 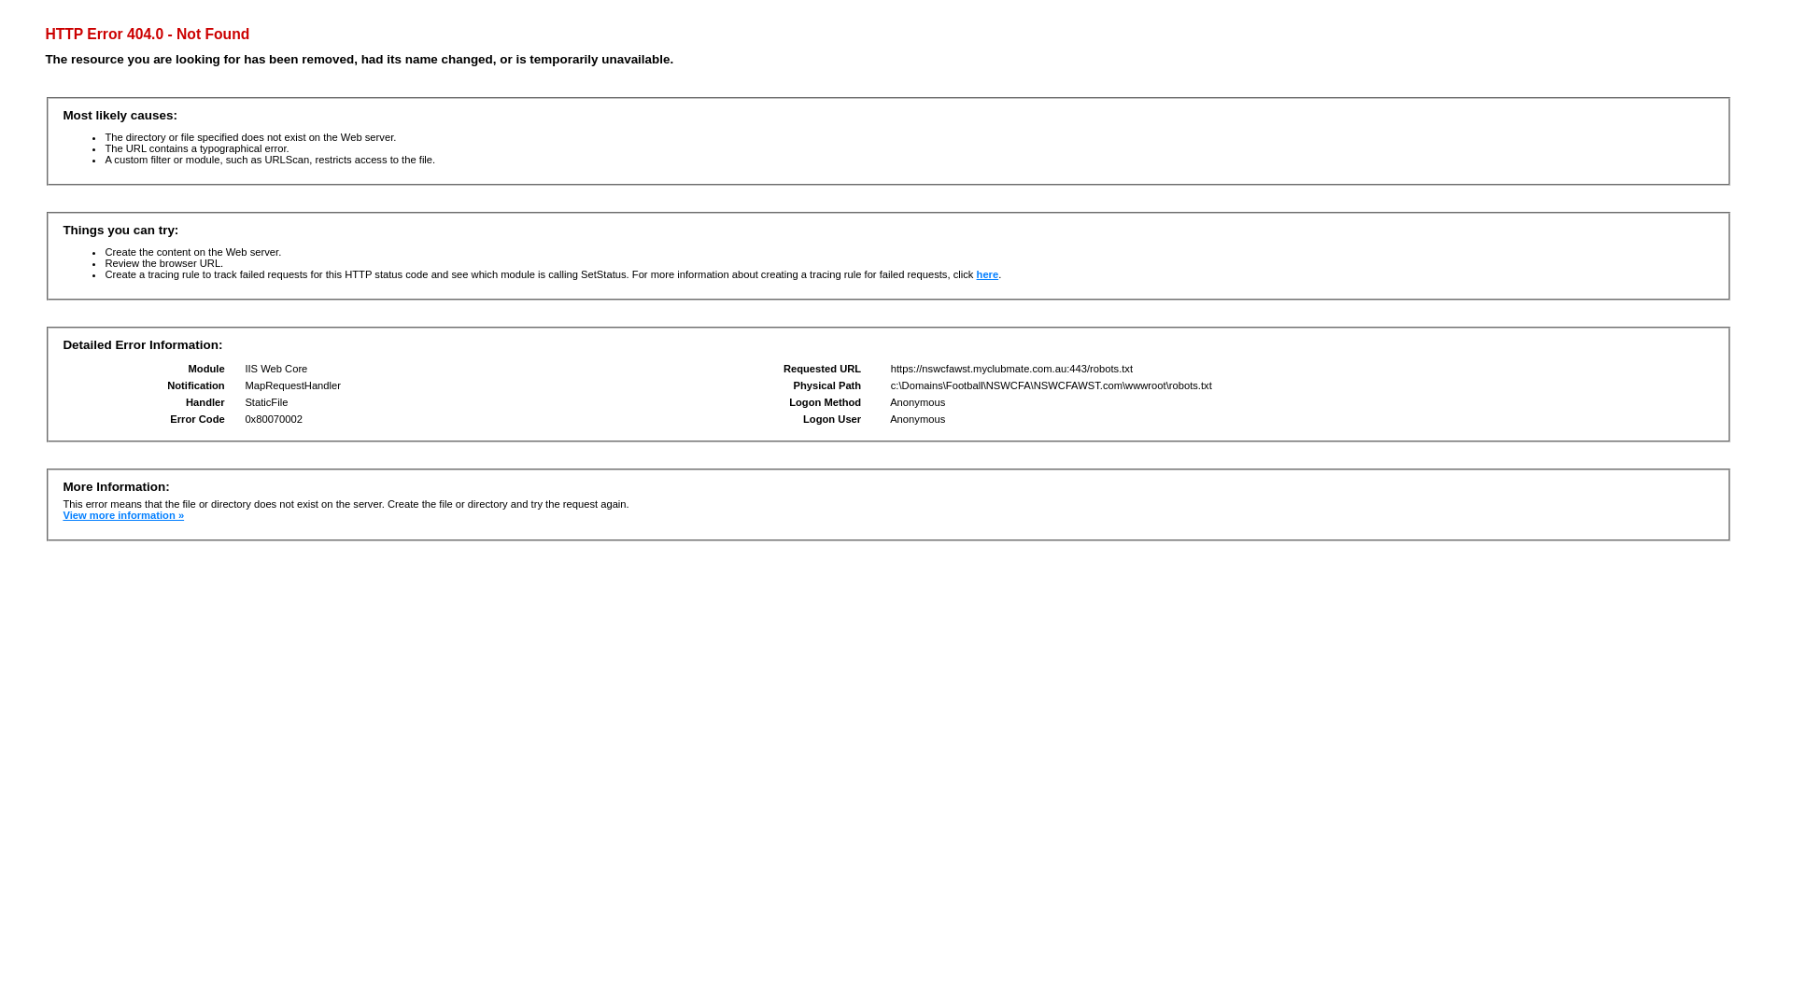 I want to click on 'here', so click(x=986, y=273).